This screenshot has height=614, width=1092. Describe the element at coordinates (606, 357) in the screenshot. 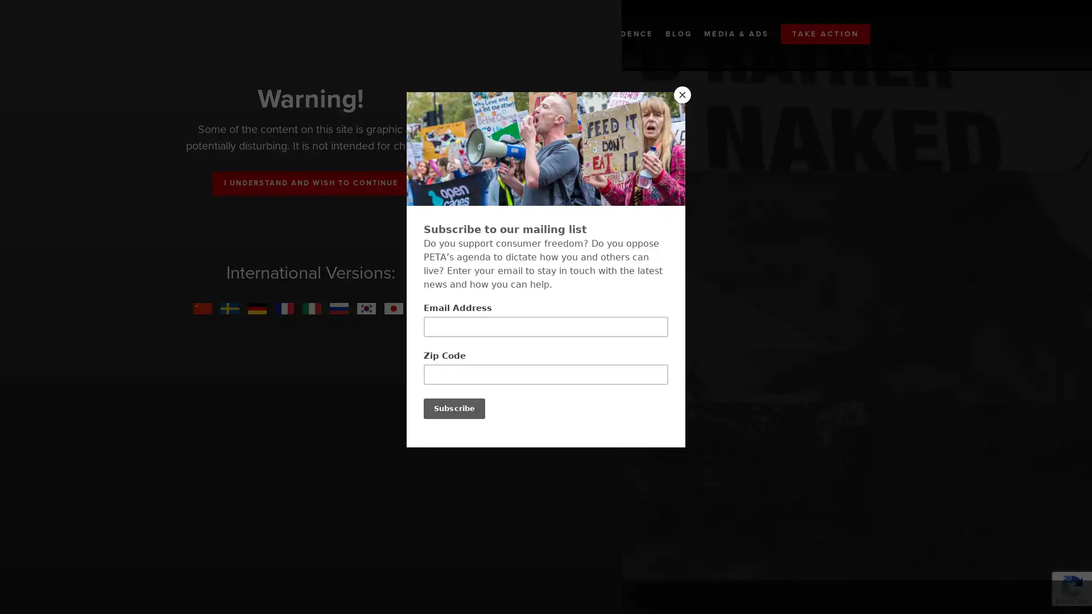

I see `GET THE FULL REPORT` at that location.